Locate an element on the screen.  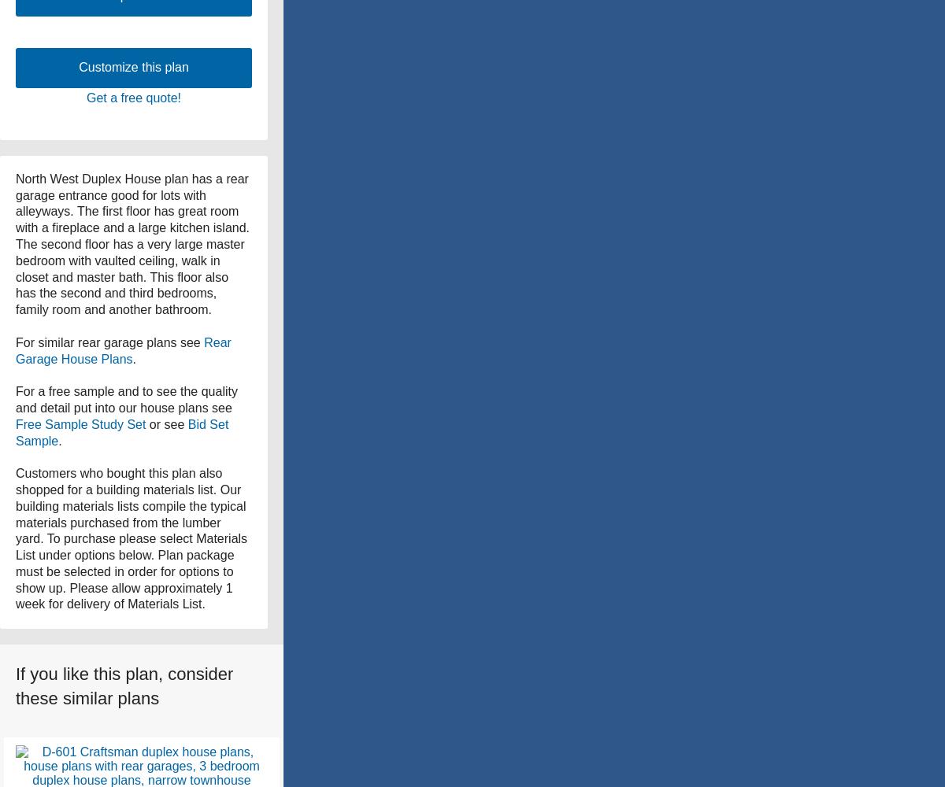
'North West Duplex House plan has a rear garage entrance good for lots with alleyways. The first floor has great room with a fireplace and a large kitchen island. The second floor has a very large master bedroom with vaulted ceiling, walk in closet and master bath. This floor also has the second and third bedrooms, family room and another bathroom.' is located at coordinates (16, 244).